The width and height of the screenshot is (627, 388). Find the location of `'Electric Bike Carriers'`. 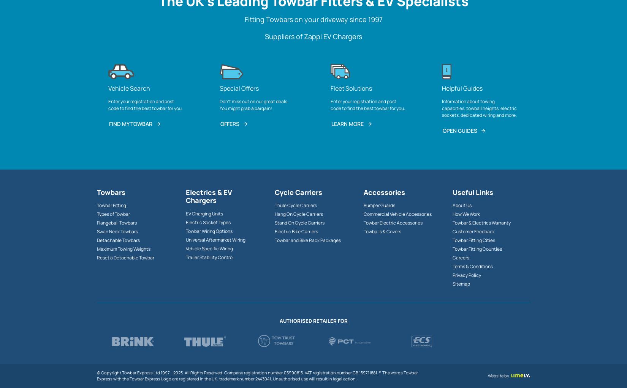

'Electric Bike Carriers' is located at coordinates (296, 231).